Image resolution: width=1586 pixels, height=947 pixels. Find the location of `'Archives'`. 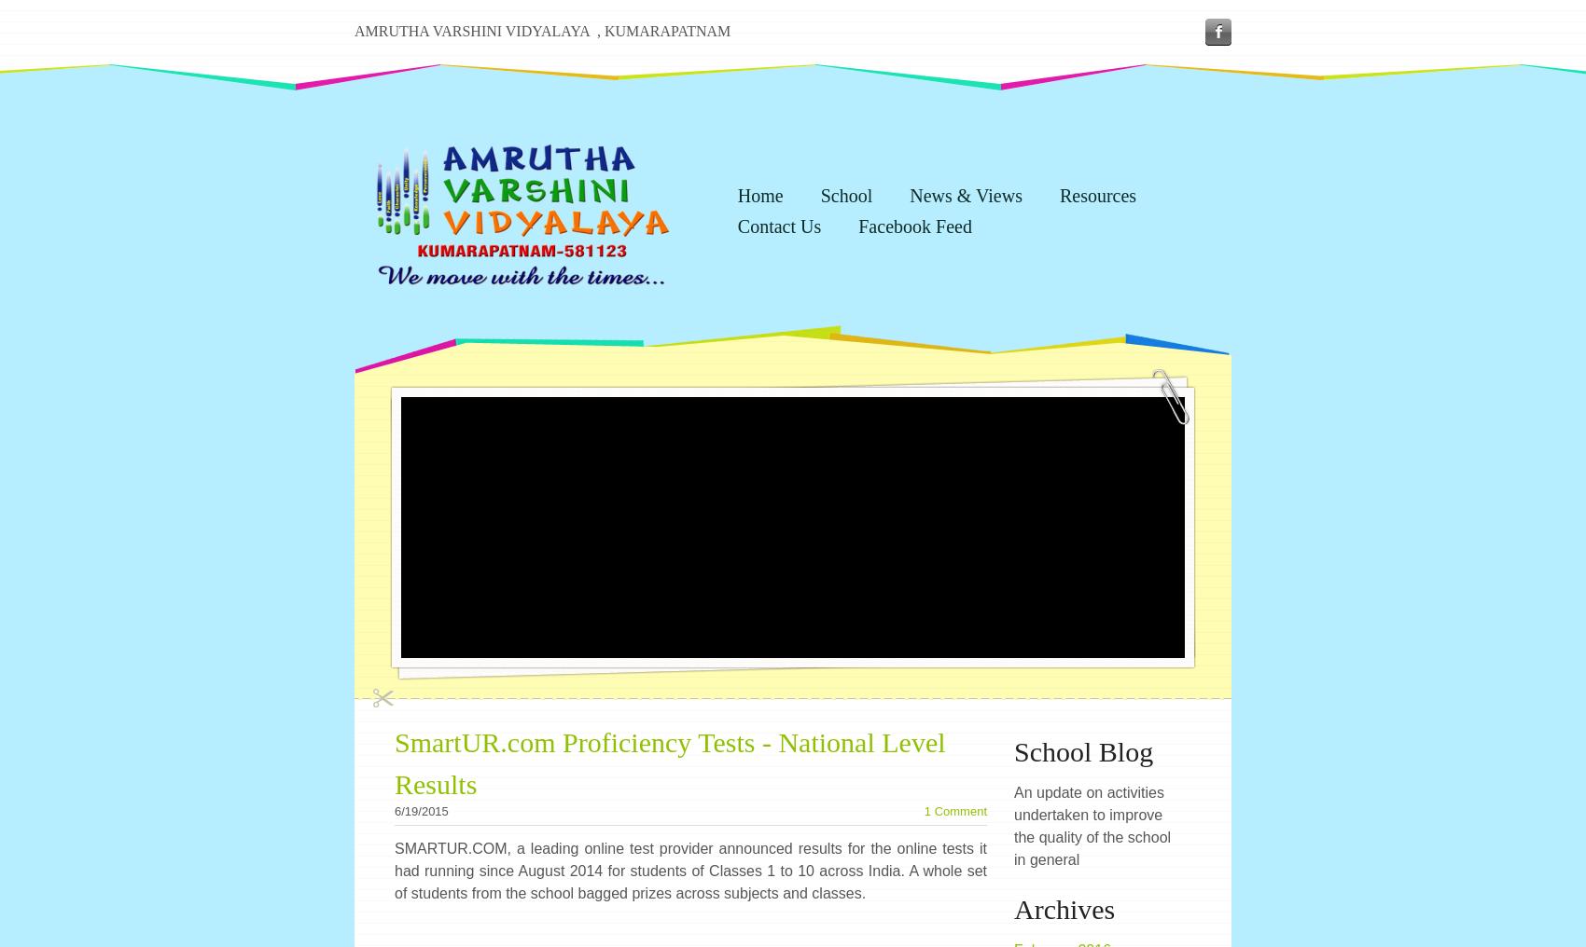

'Archives' is located at coordinates (1064, 909).